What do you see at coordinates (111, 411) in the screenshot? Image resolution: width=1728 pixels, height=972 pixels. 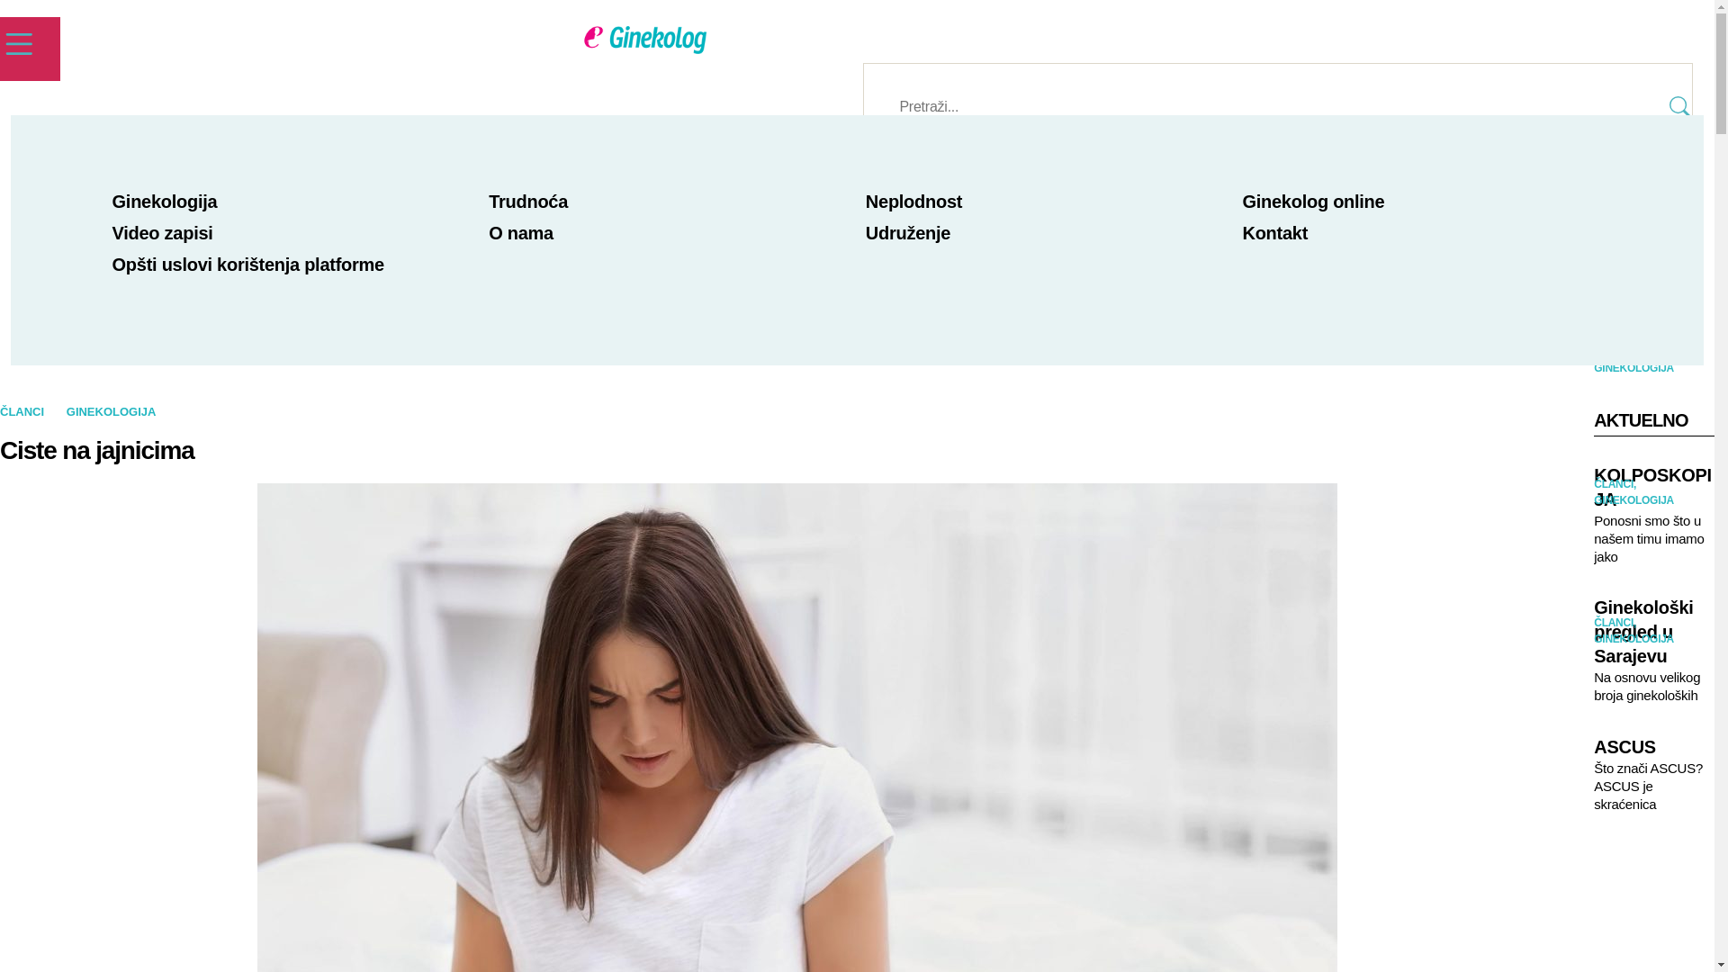 I see `'GINEKOLOGIJA'` at bounding box center [111, 411].